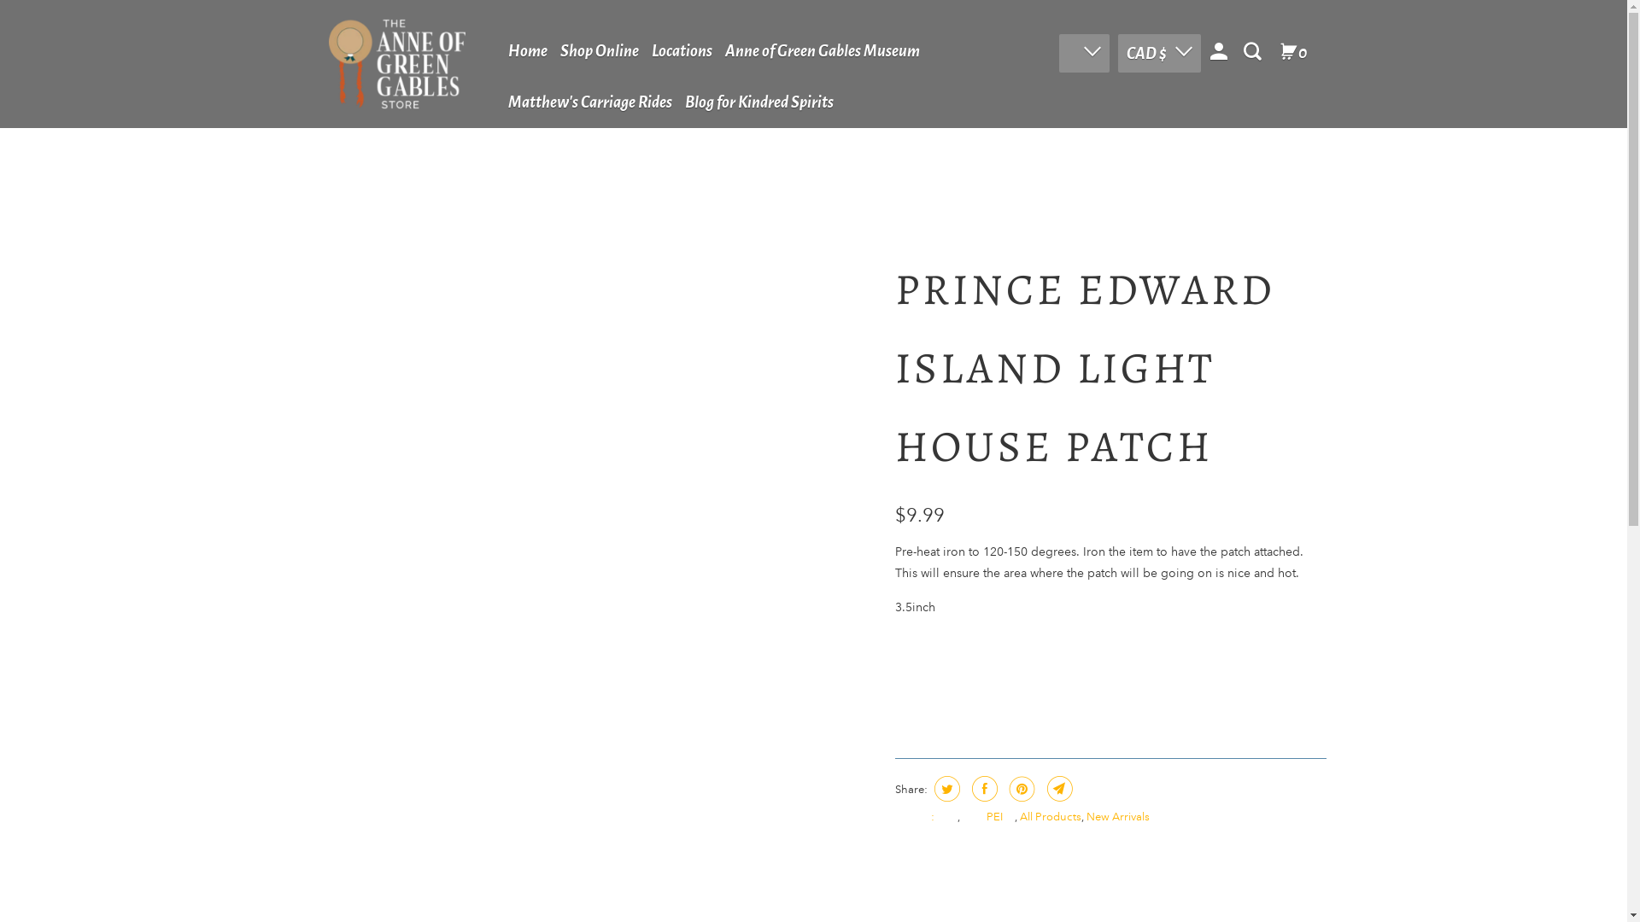 The height and width of the screenshot is (922, 1640). Describe the element at coordinates (395, 63) in the screenshot. I see `'Theannestore'` at that location.